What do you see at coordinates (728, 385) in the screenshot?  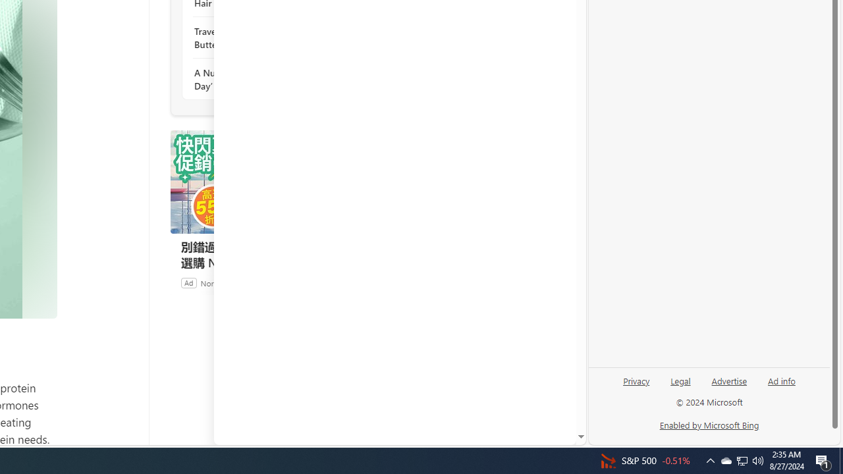 I see `'Advertise'` at bounding box center [728, 385].